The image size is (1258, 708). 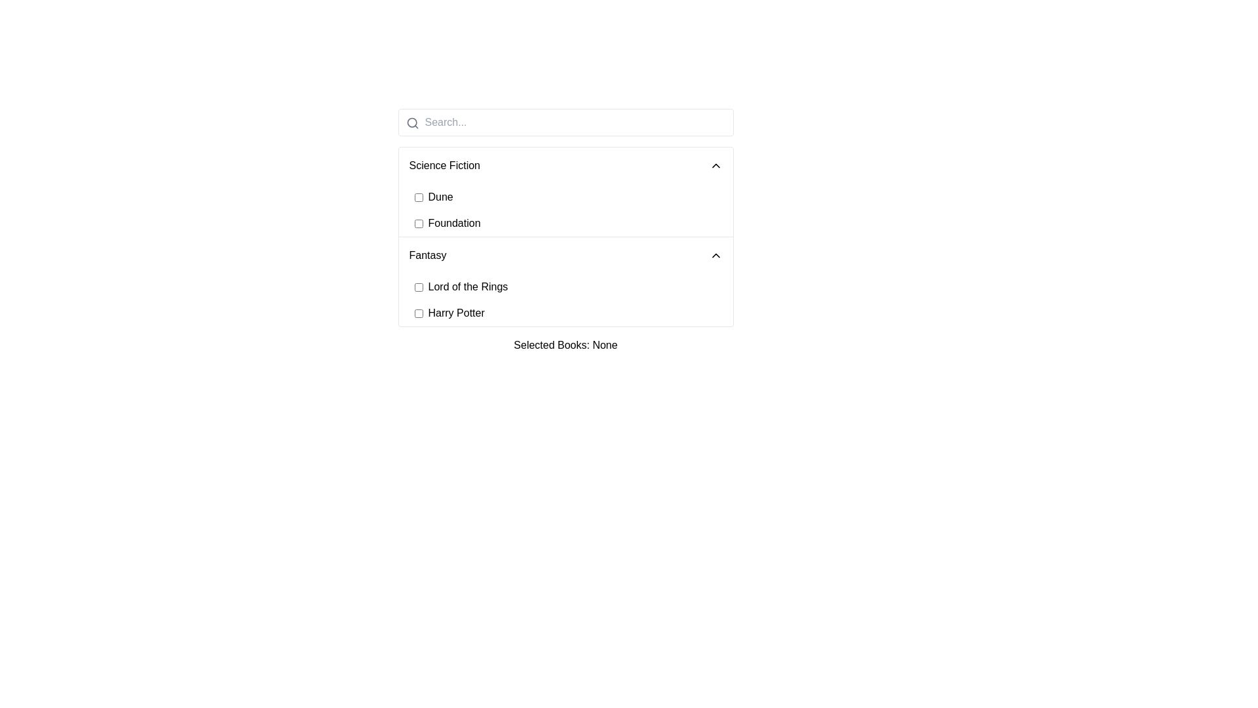 What do you see at coordinates (565, 345) in the screenshot?
I see `the text label that displays 'Selected Books: None', which is located at the bottom of the book genres section and is centered horizontally` at bounding box center [565, 345].